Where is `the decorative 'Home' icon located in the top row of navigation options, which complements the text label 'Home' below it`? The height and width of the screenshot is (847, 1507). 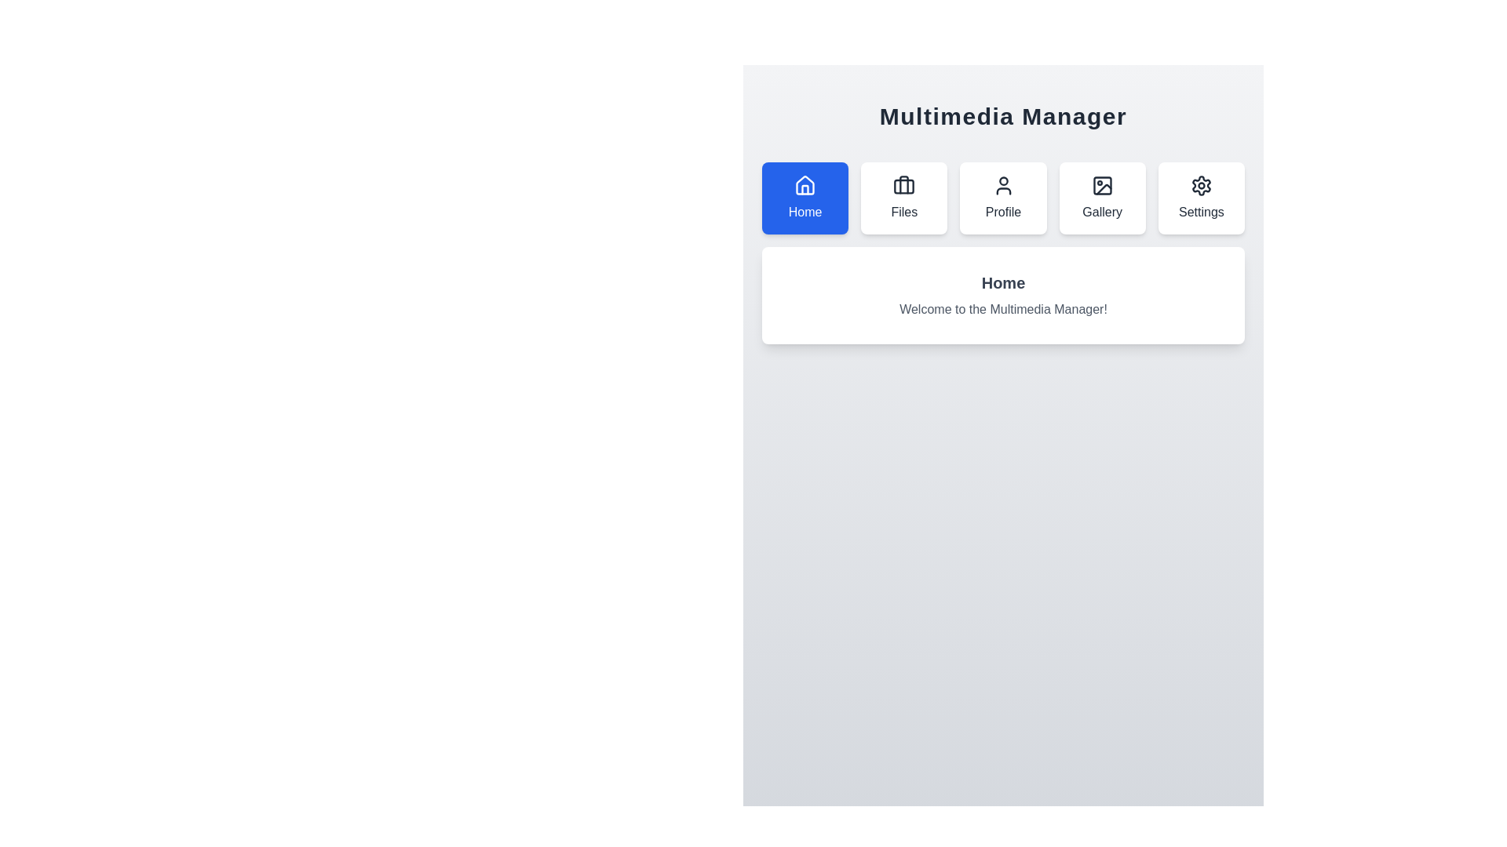 the decorative 'Home' icon located in the top row of navigation options, which complements the text label 'Home' below it is located at coordinates (805, 184).